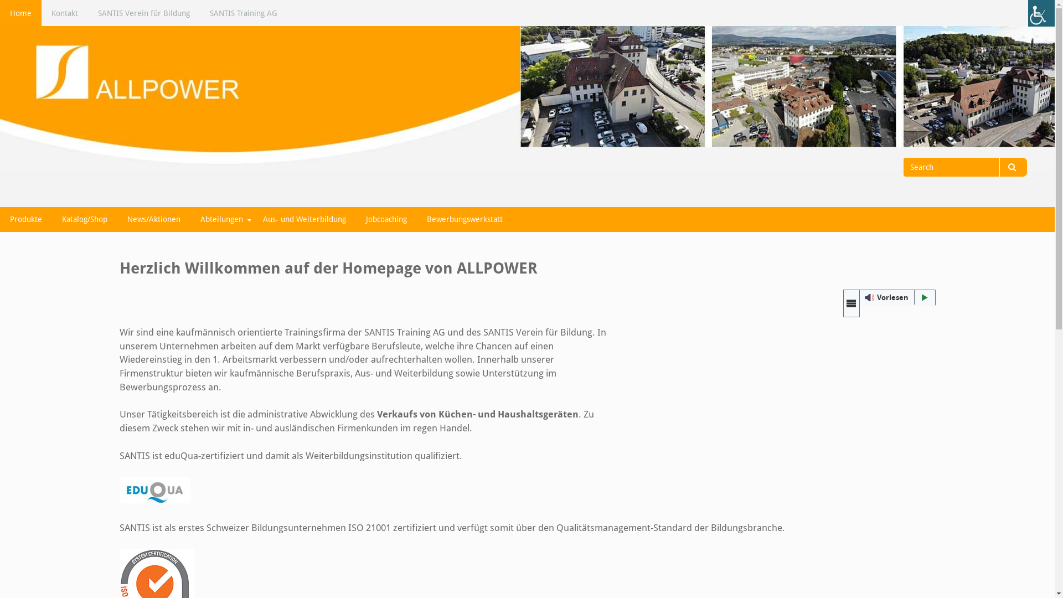 Image resolution: width=1063 pixels, height=598 pixels. I want to click on 'Vorlesen', so click(889, 297).